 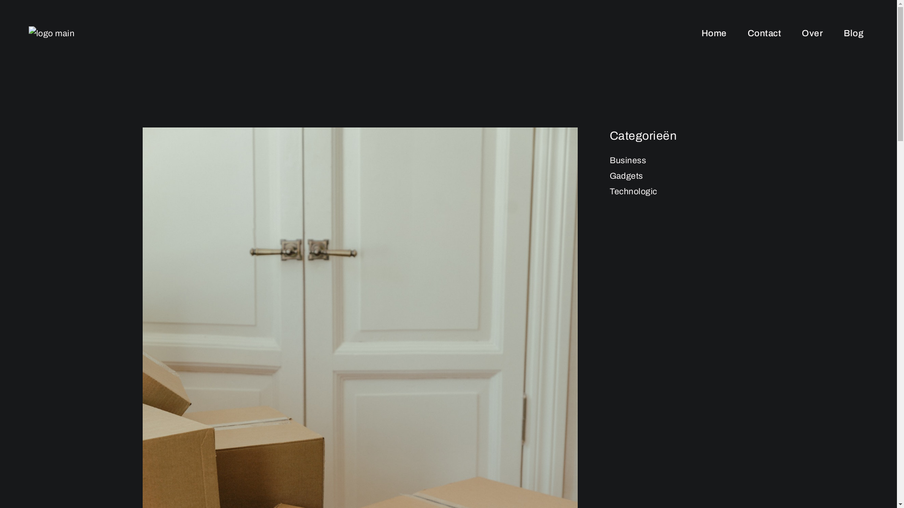 What do you see at coordinates (626, 176) in the screenshot?
I see `'Gadgets'` at bounding box center [626, 176].